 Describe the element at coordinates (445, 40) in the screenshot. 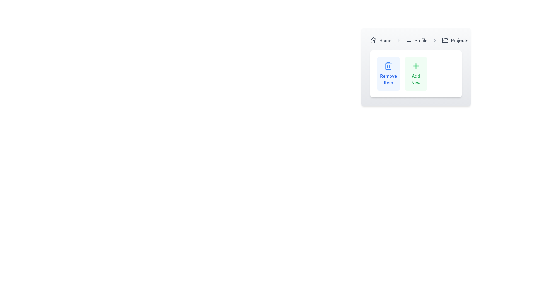

I see `the SVG Icon representing the 'Projects' section, which is the first element in the navigation bar associated with the 'Projects' label` at that location.